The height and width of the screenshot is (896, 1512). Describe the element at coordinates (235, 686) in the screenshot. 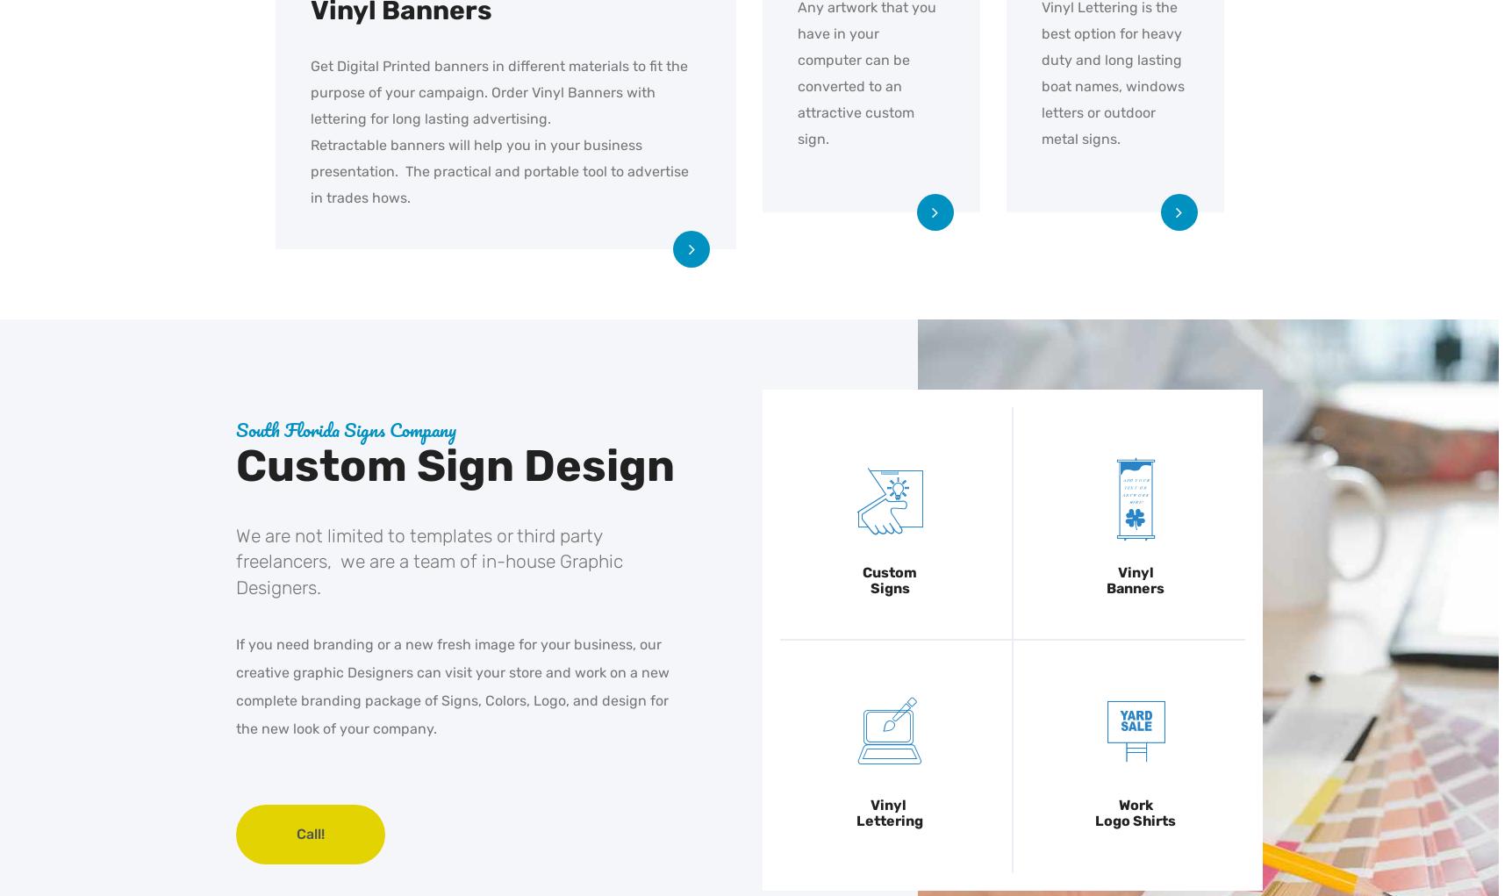

I see `'If you need branding or a new fresh image for your business, our creative graphic Designers can visit your store and work on a new complete branding package of Signs, Colors, Logo, and design for the new look of your company.'` at that location.